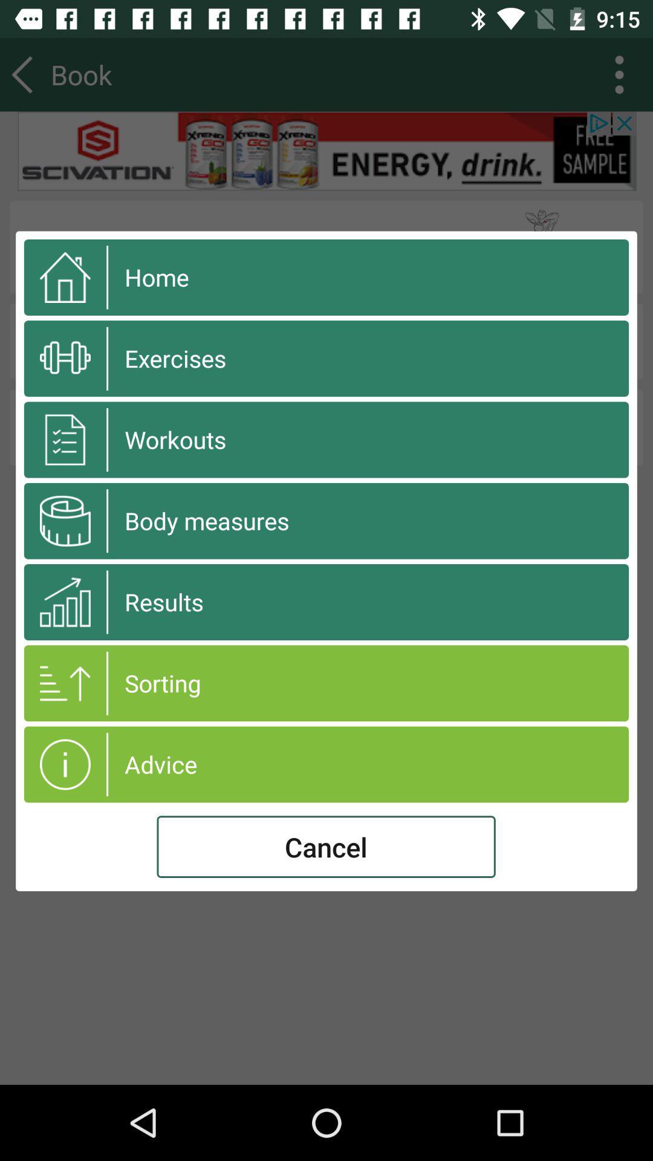 Image resolution: width=653 pixels, height=1161 pixels. What do you see at coordinates (325, 846) in the screenshot?
I see `cancel item` at bounding box center [325, 846].